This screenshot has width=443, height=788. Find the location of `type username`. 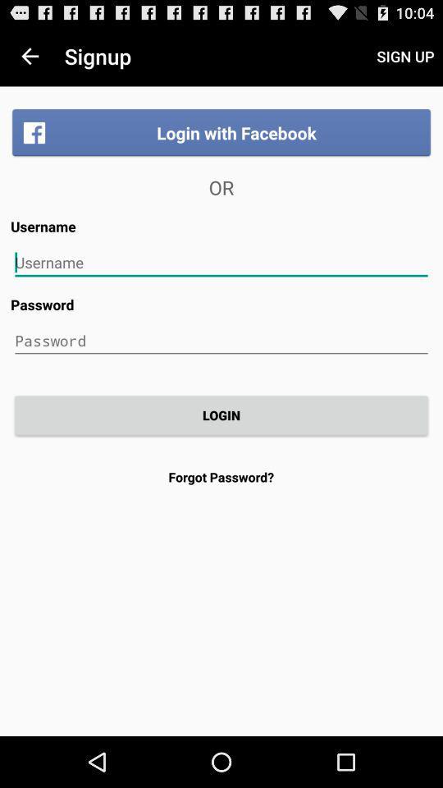

type username is located at coordinates (221, 263).